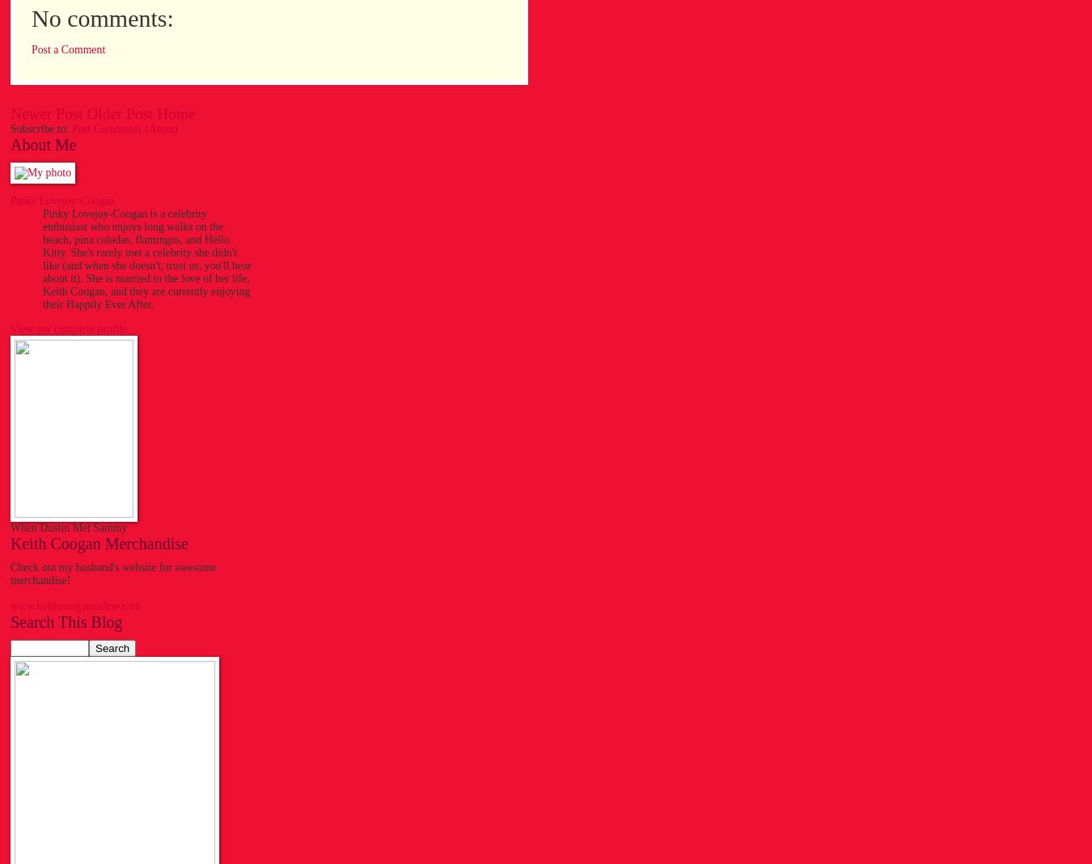 This screenshot has width=1092, height=864. I want to click on 'Check out my husband's website for awesome merchandise!', so click(112, 573).